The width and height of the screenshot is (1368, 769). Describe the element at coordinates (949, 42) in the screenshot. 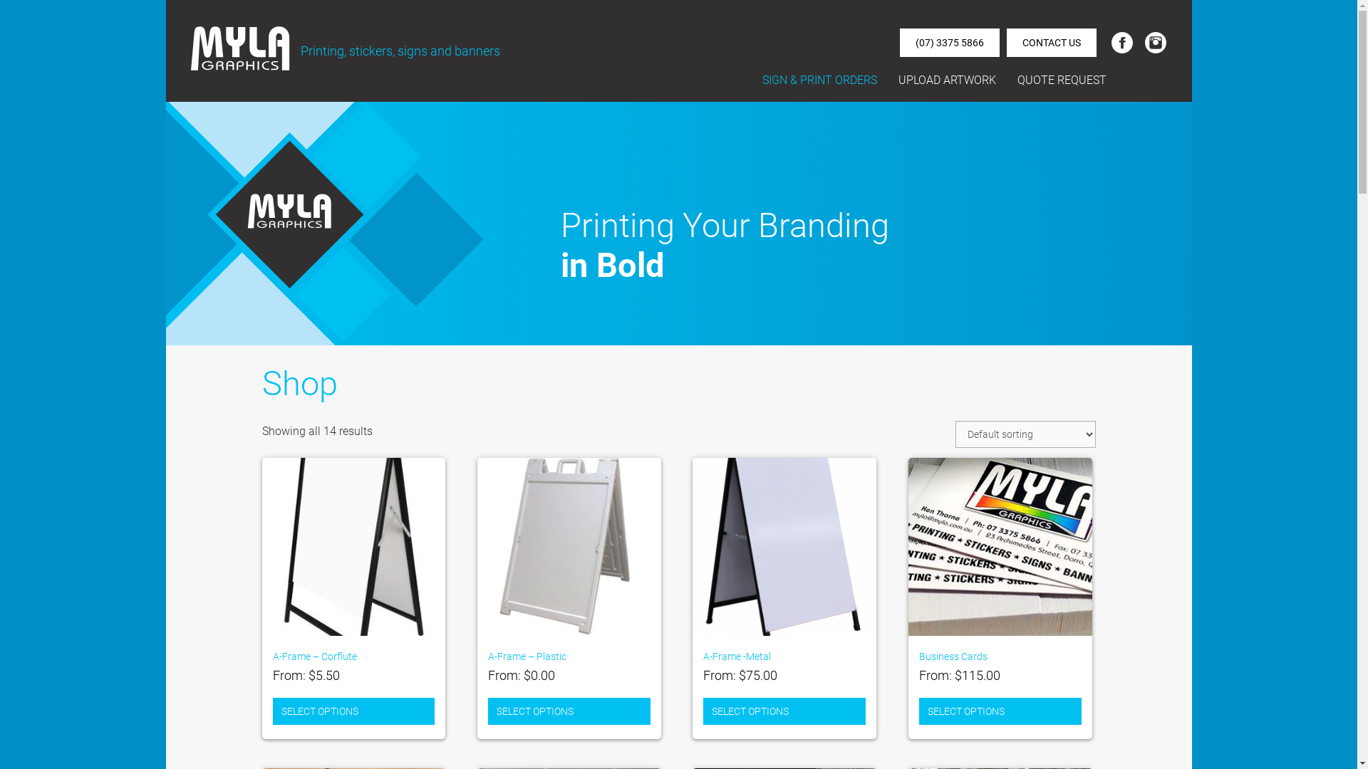

I see `'(07) 3375 5866'` at that location.